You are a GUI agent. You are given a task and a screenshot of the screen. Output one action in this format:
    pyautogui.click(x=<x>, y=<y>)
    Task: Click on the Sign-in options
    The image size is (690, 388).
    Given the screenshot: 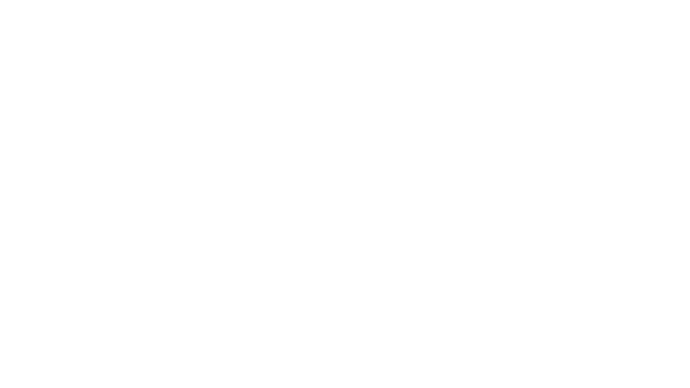 What is the action you would take?
    pyautogui.click(x=345, y=262)
    